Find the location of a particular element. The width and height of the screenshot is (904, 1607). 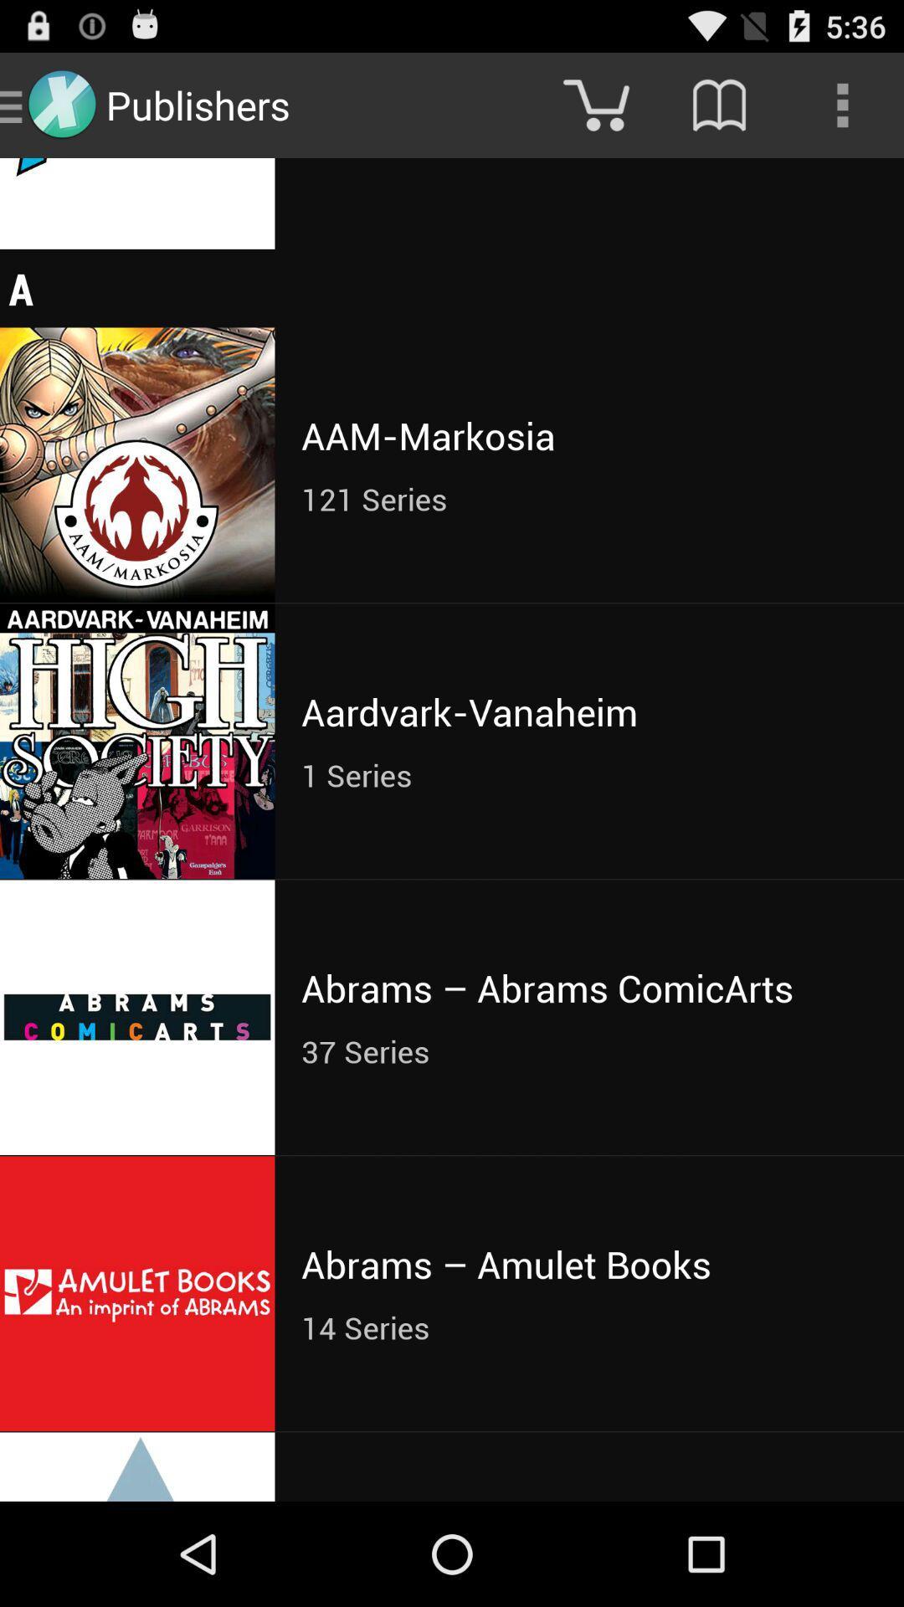

the item below the aam-markosia is located at coordinates (588, 498).